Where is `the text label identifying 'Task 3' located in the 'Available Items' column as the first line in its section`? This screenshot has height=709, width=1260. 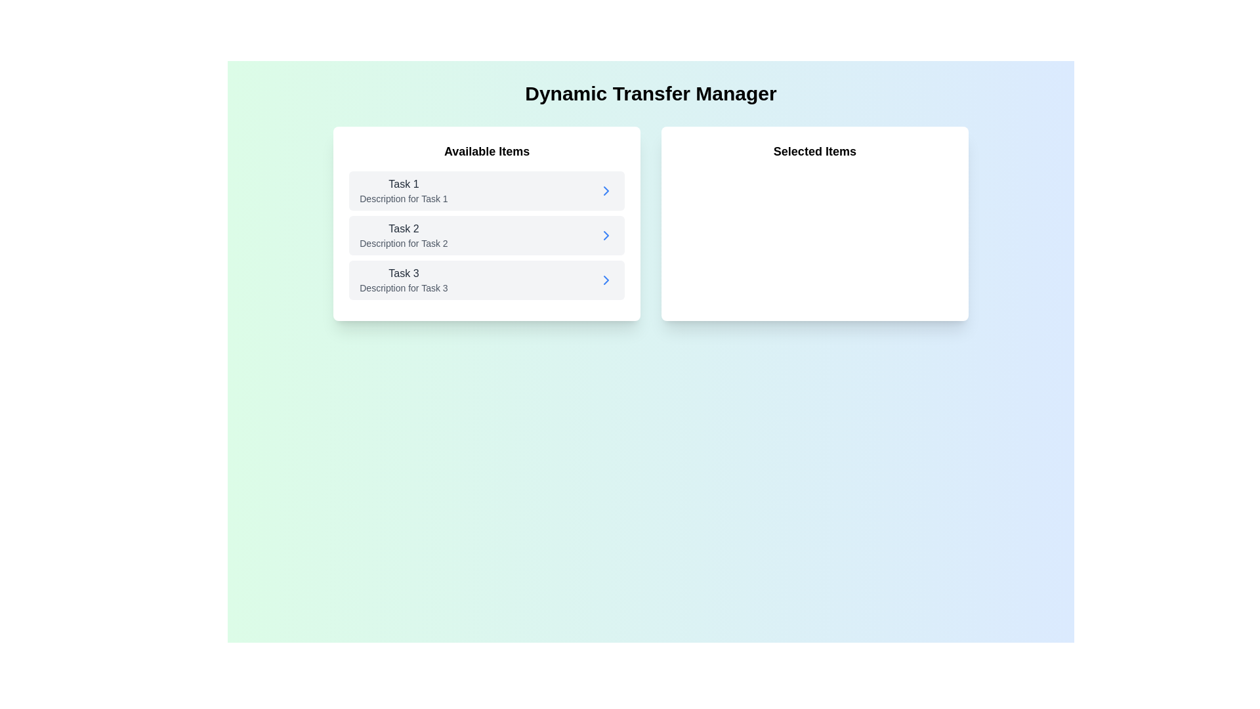
the text label identifying 'Task 3' located in the 'Available Items' column as the first line in its section is located at coordinates (403, 272).